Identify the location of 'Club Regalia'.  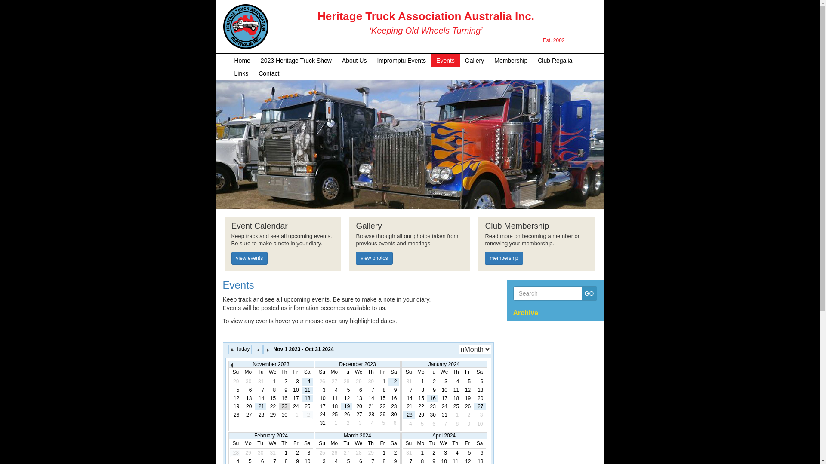
(555, 60).